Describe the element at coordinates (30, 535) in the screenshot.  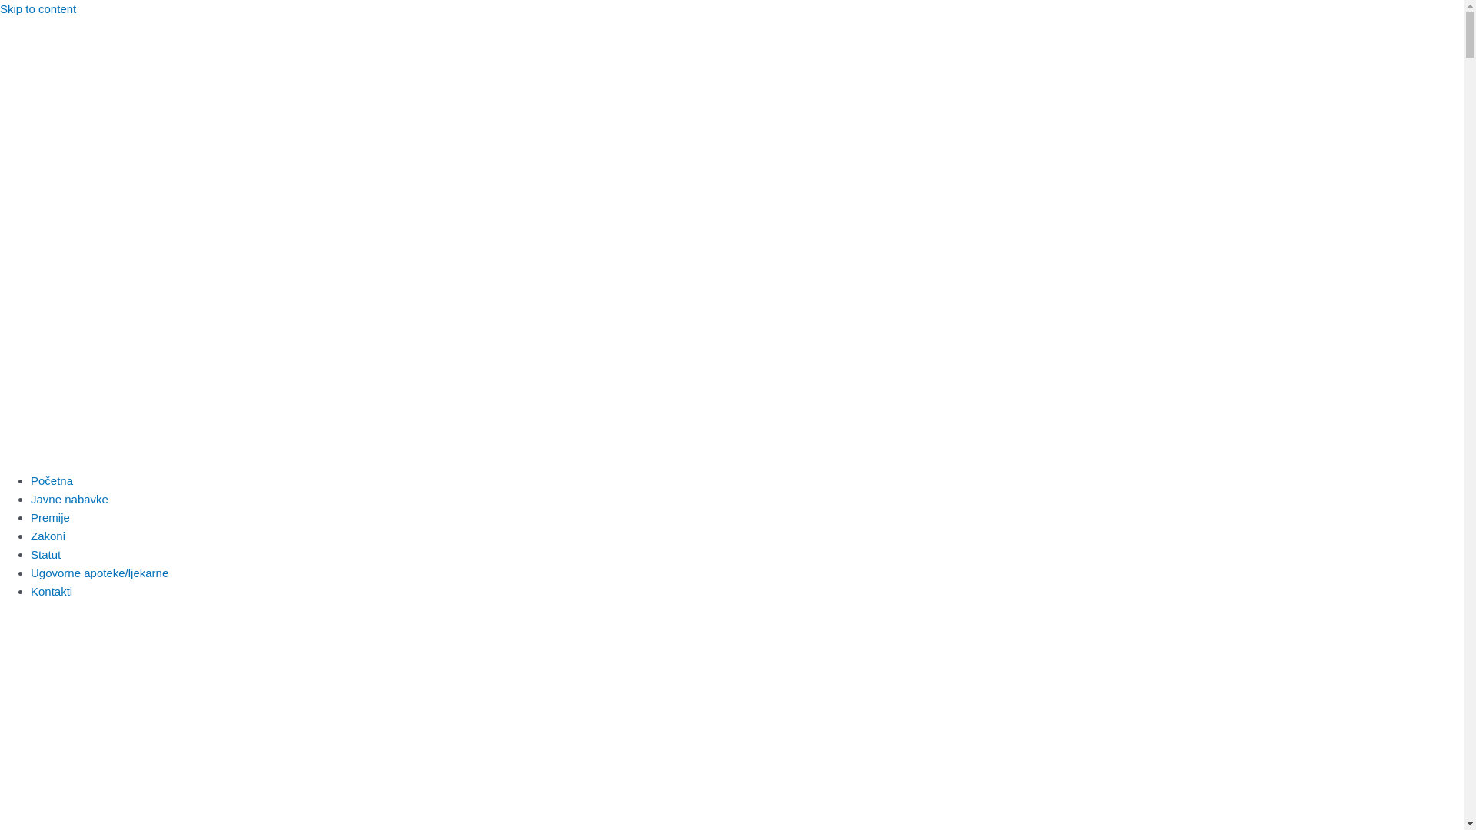
I see `'Zakoni'` at that location.